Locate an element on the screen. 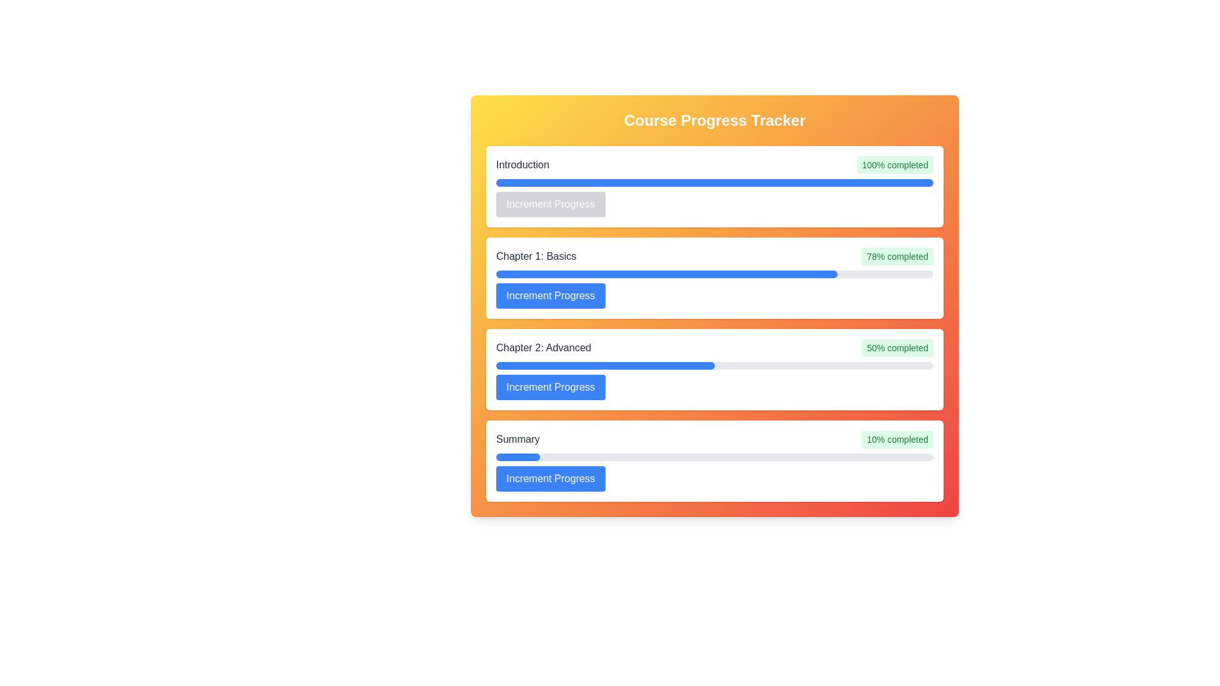  the Progress Tracker Module labeled 'Introduction', which contains a fully filled progress bar and an 'Increment Progress' button is located at coordinates (714, 186).